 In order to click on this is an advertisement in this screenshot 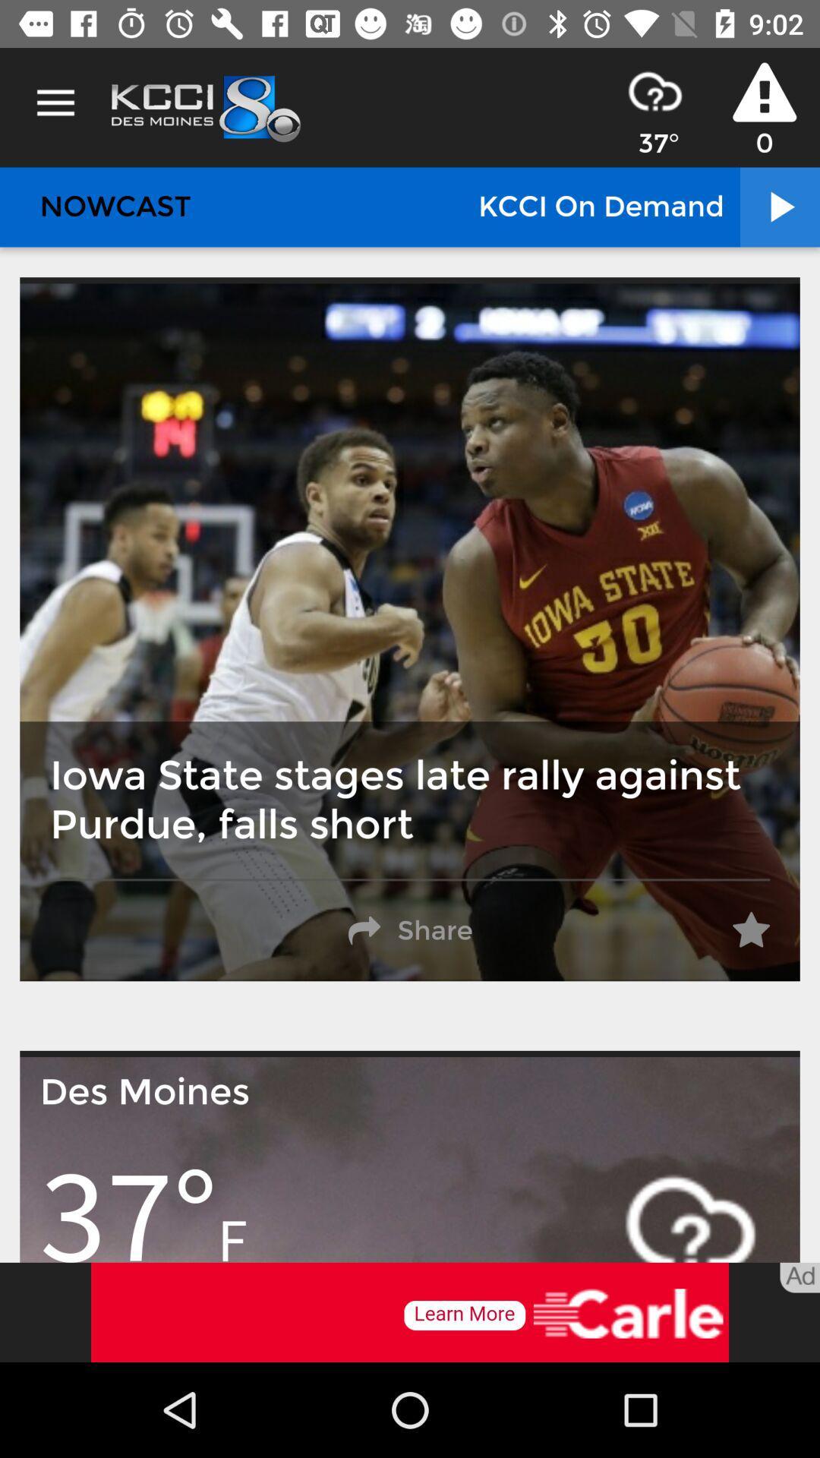, I will do `click(410, 1311)`.